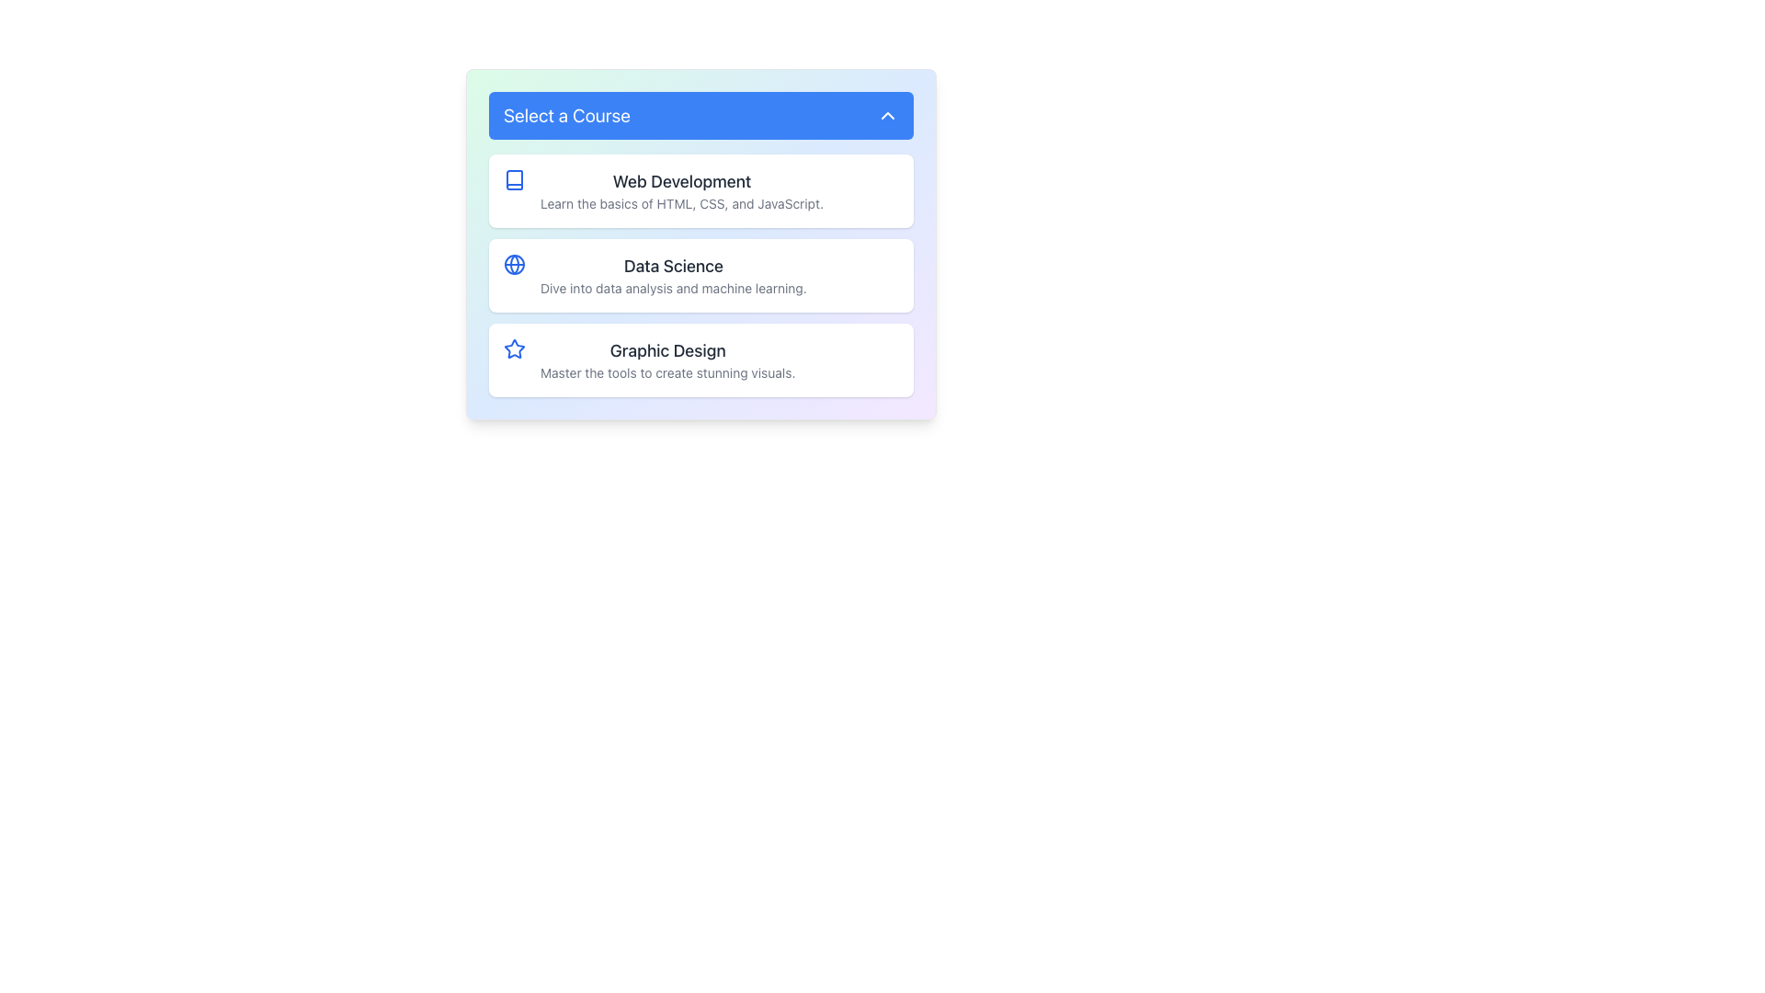  Describe the element at coordinates (515, 265) in the screenshot. I see `the 'Data Science' icon located to the left of the title text 'Data Science' on the second card in the vertical list of three cards` at that location.